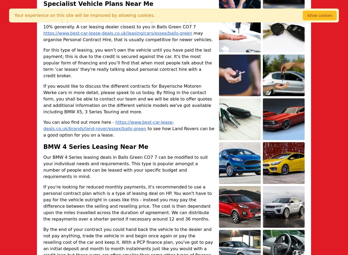  What do you see at coordinates (319, 15) in the screenshot?
I see `'Allow cookies'` at bounding box center [319, 15].